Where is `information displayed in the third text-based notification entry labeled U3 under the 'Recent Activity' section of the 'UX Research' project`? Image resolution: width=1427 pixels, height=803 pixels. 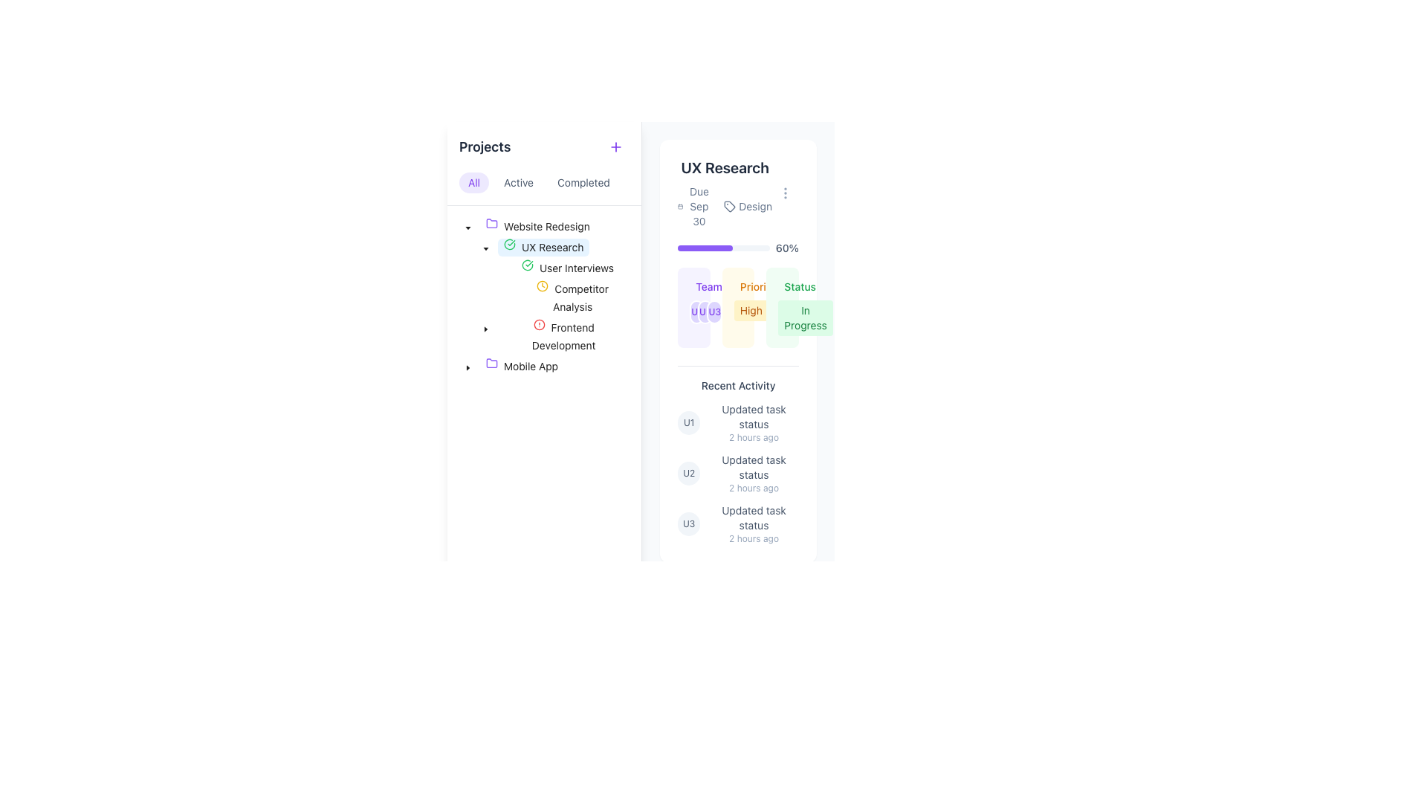
information displayed in the third text-based notification entry labeled U3 under the 'Recent Activity' section of the 'UX Research' project is located at coordinates (754, 523).